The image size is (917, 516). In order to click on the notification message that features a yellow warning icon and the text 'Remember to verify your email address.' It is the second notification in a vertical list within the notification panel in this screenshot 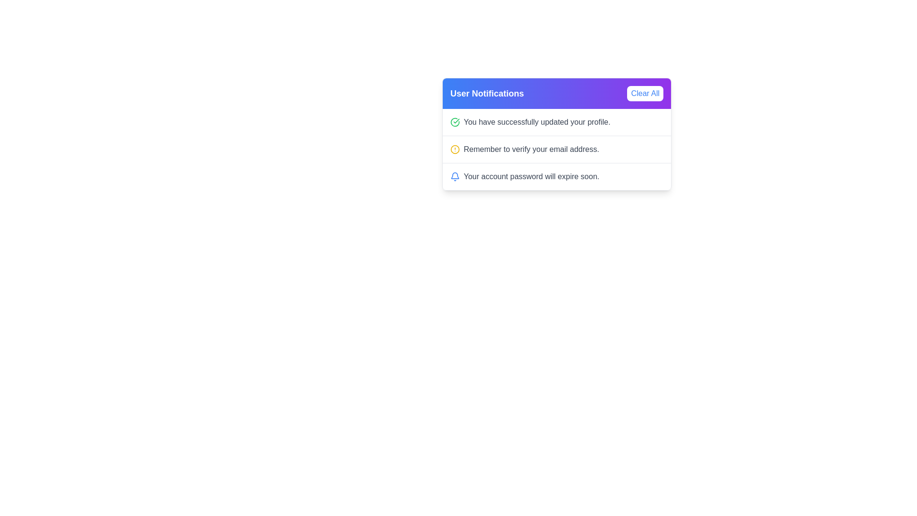, I will do `click(557, 149)`.